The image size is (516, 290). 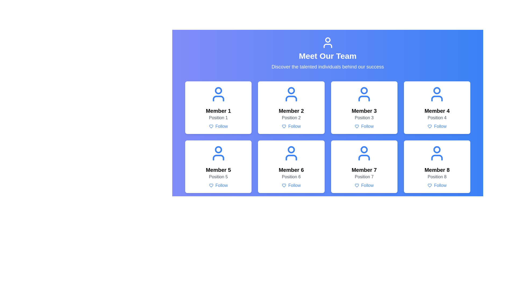 I want to click on the bold text label 'Member 7' located in the seventh card of the grid layout, positioned above 'Position 7', so click(x=364, y=170).